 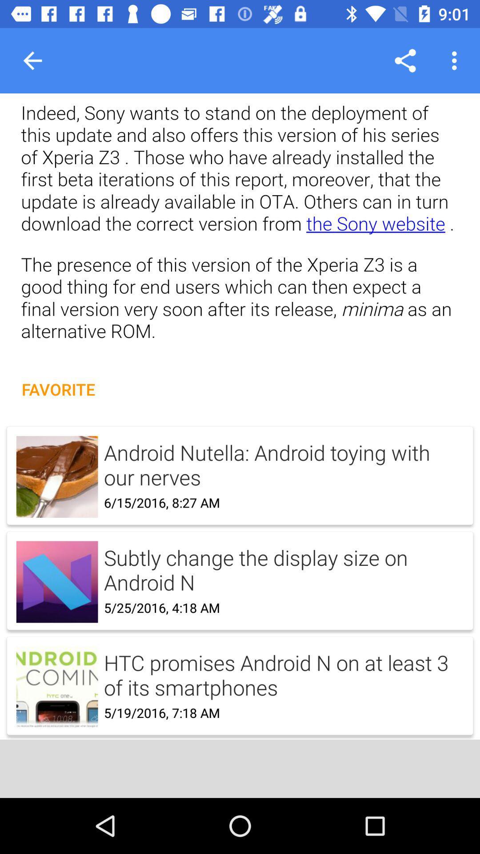 I want to click on favorite, so click(x=240, y=571).